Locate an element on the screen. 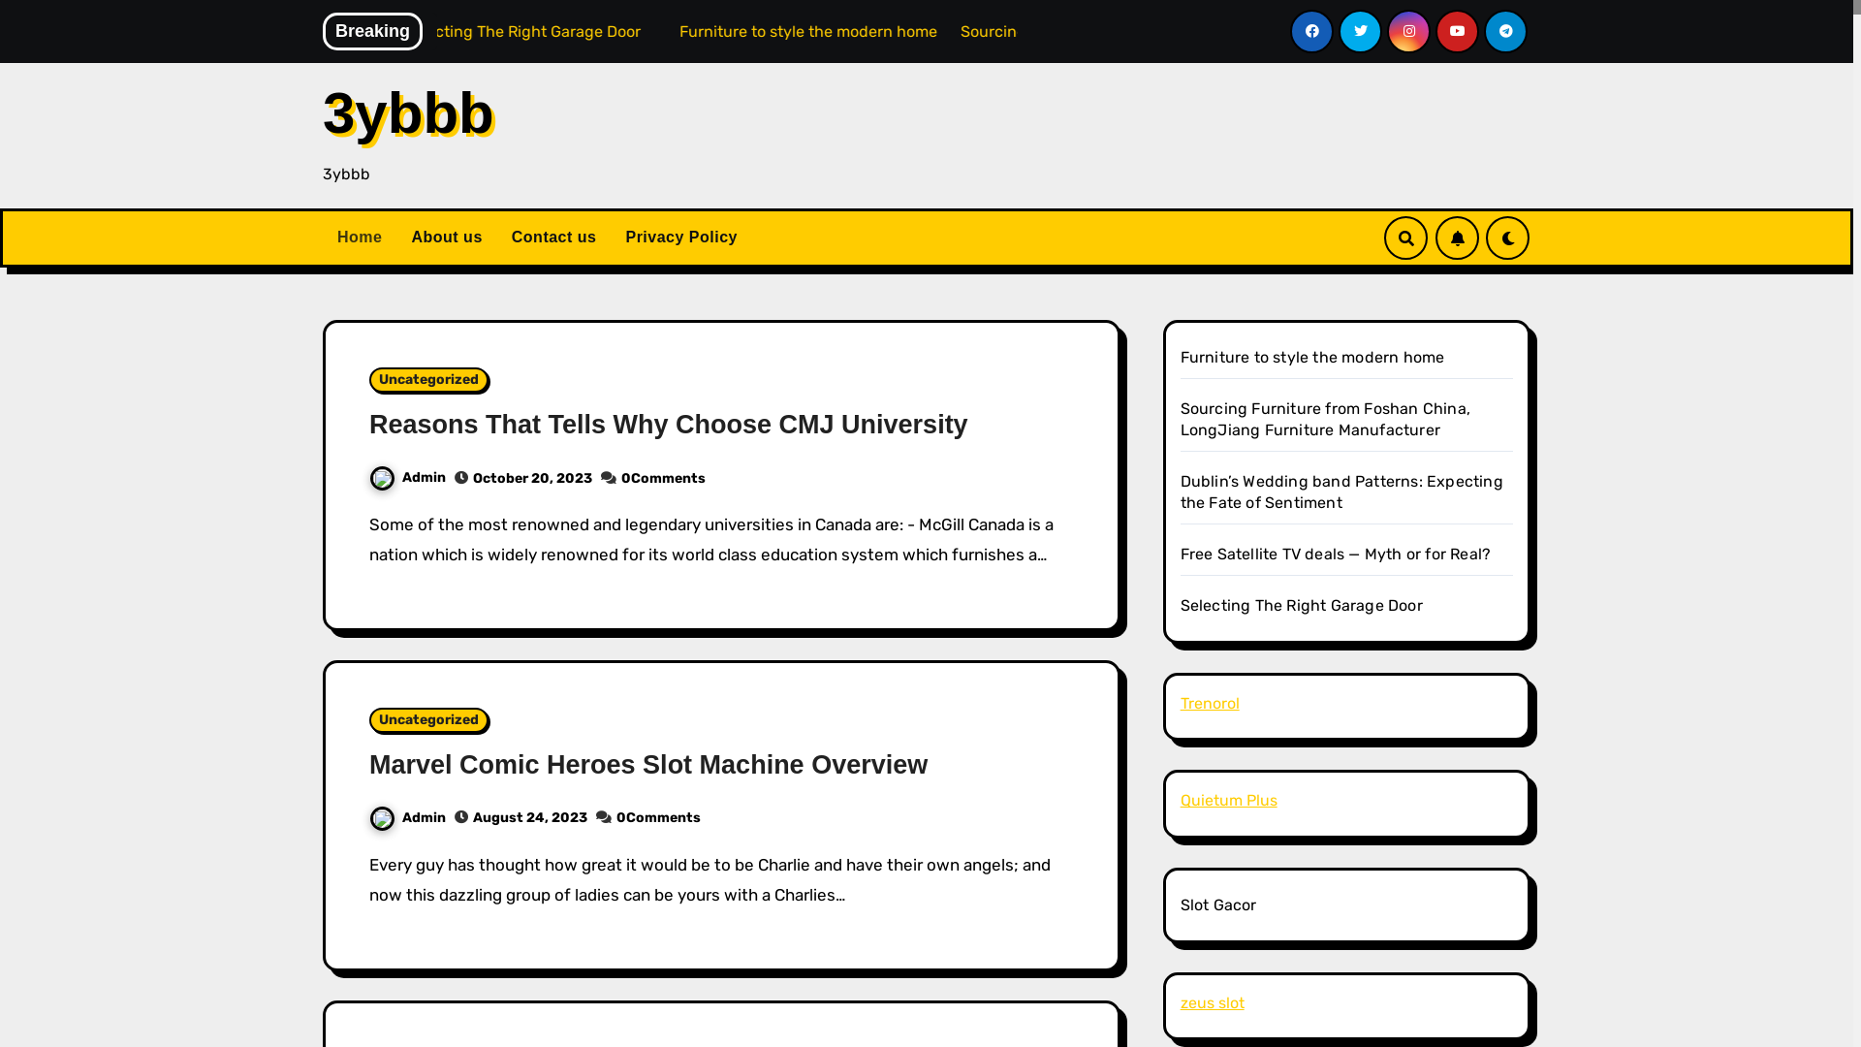 The image size is (1861, 1047). 'Home' is located at coordinates (359, 237).